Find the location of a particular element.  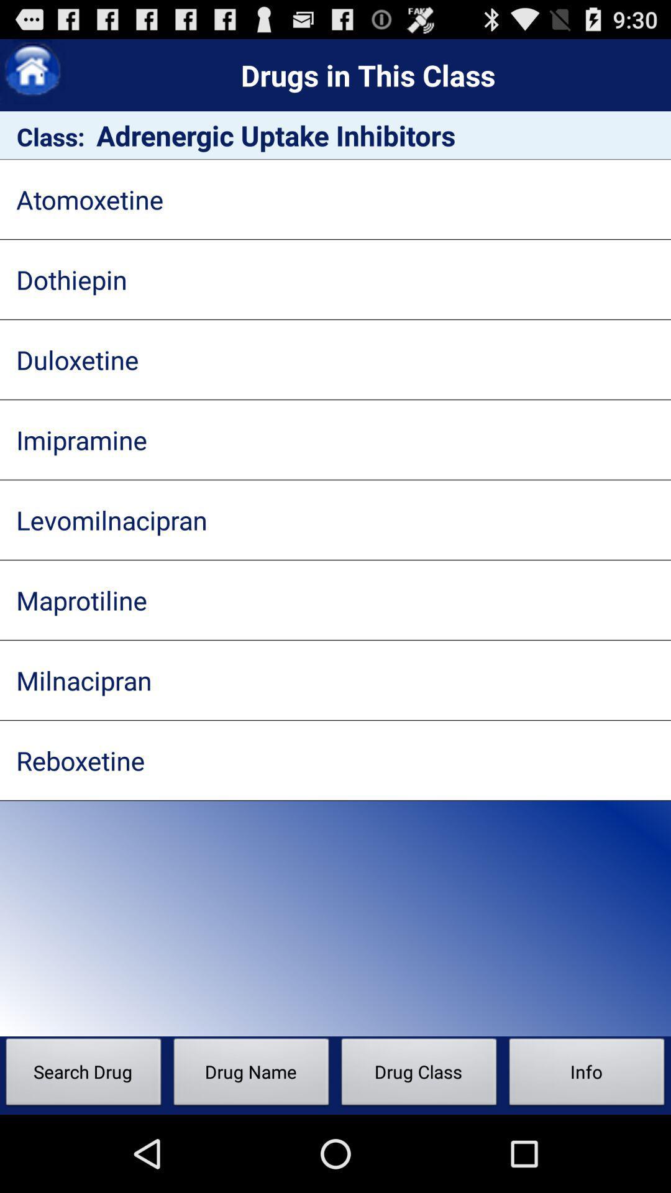

the home icon is located at coordinates (32, 76).